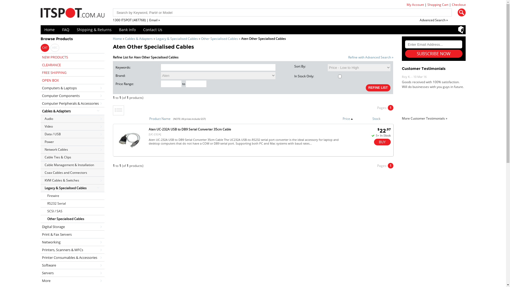 This screenshot has height=287, width=510. What do you see at coordinates (72, 118) in the screenshot?
I see `'Audio'` at bounding box center [72, 118].